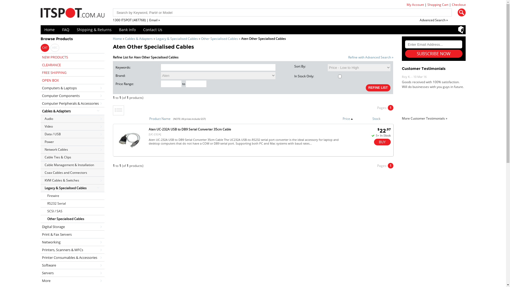 This screenshot has height=287, width=510. What do you see at coordinates (72, 118) in the screenshot?
I see `'Audio'` at bounding box center [72, 118].